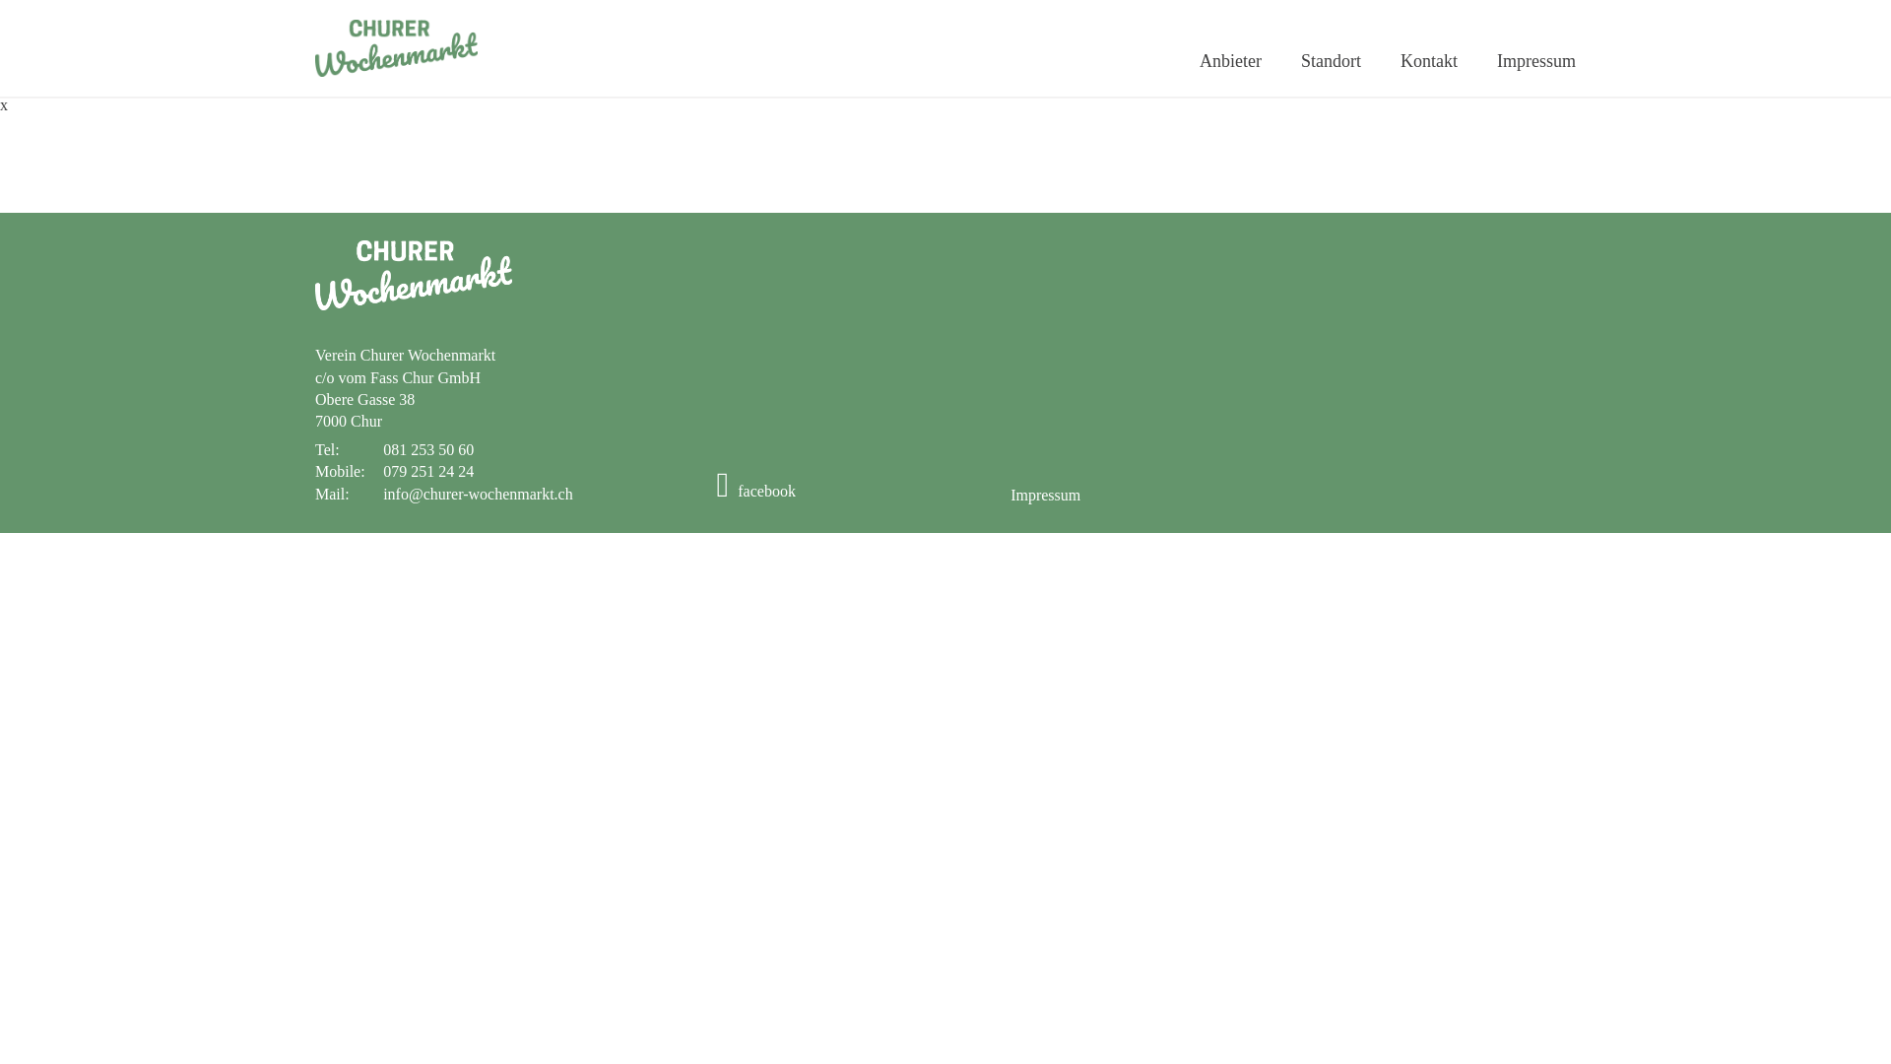 This screenshot has height=1064, width=1891. What do you see at coordinates (1229, 60) in the screenshot?
I see `'Anbieter'` at bounding box center [1229, 60].